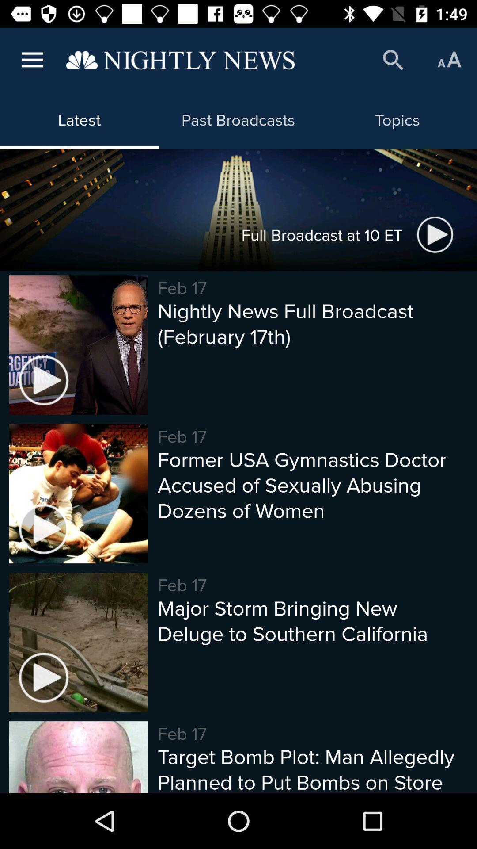 The height and width of the screenshot is (849, 477). Describe the element at coordinates (180, 60) in the screenshot. I see `returns back to the fist page of the website` at that location.